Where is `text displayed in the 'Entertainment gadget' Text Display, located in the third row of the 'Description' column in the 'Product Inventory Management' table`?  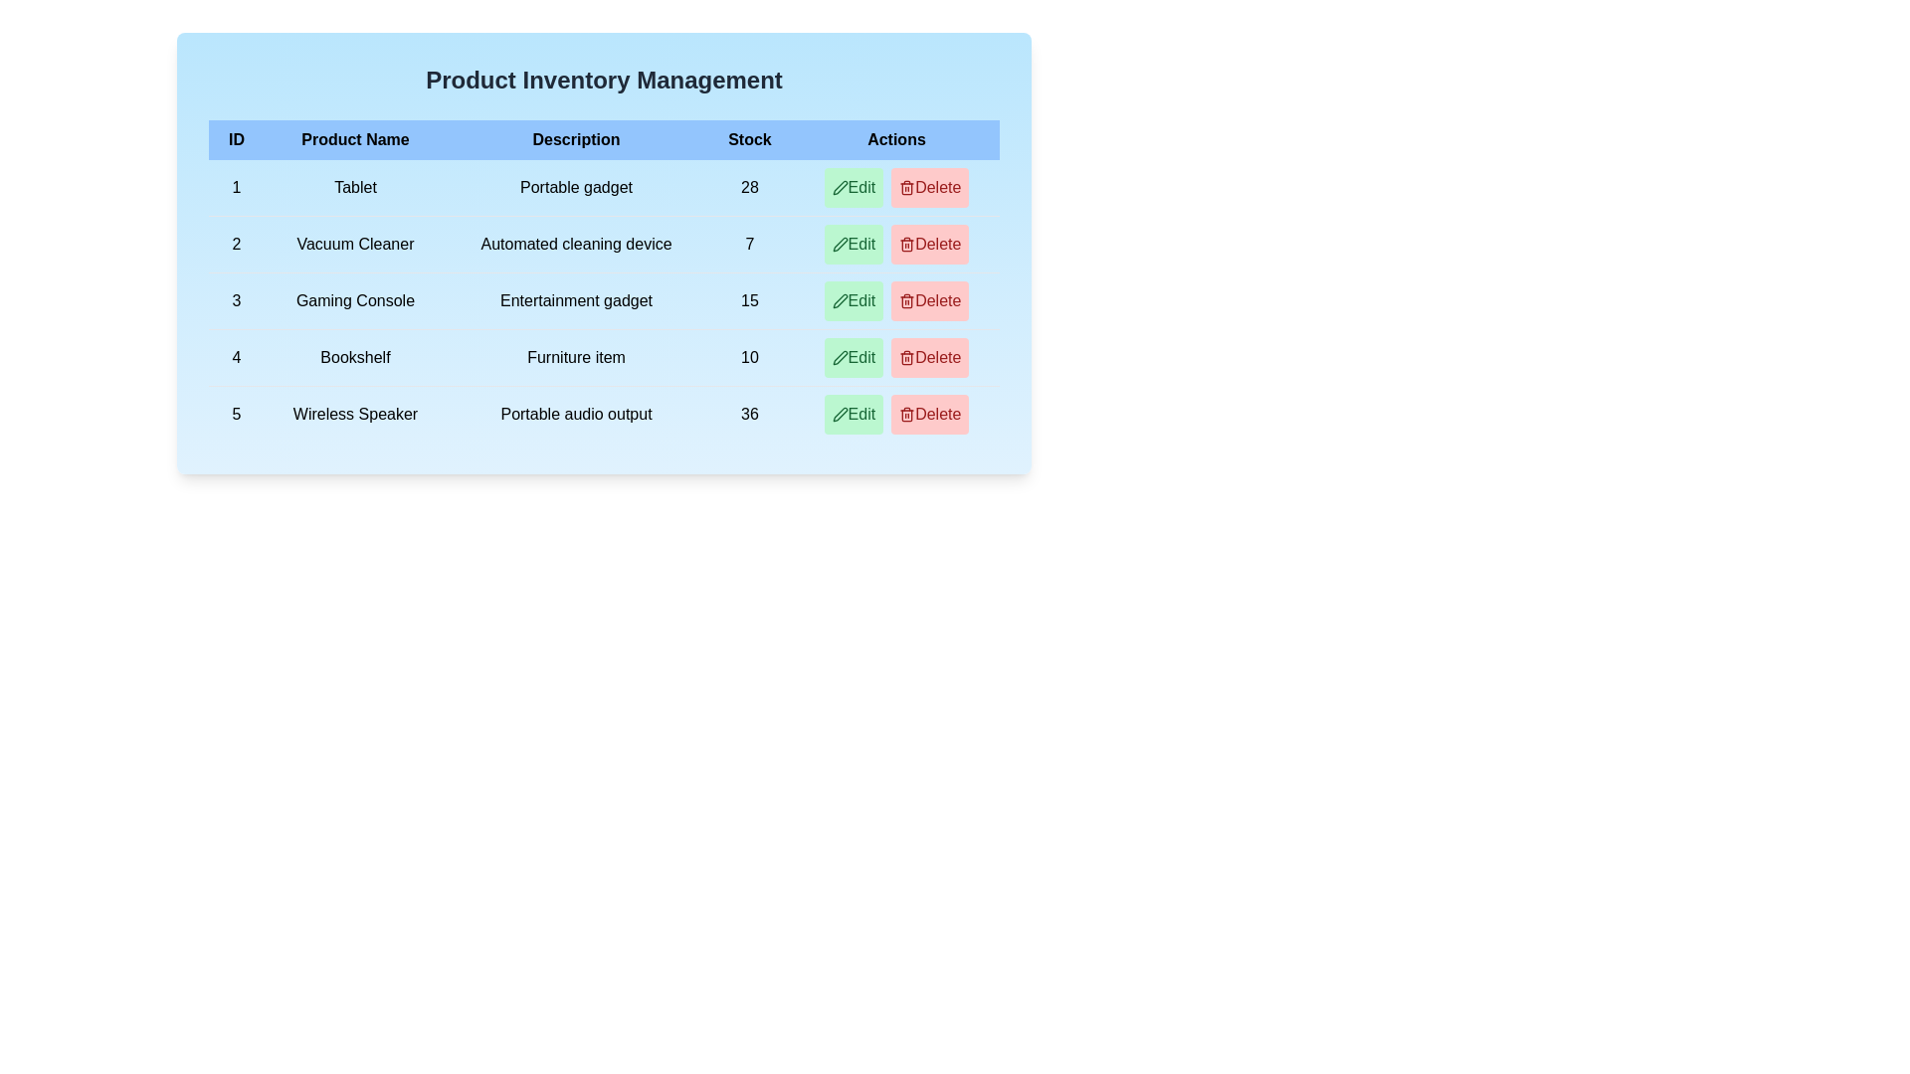
text displayed in the 'Entertainment gadget' Text Display, located in the third row of the 'Description' column in the 'Product Inventory Management' table is located at coordinates (575, 301).